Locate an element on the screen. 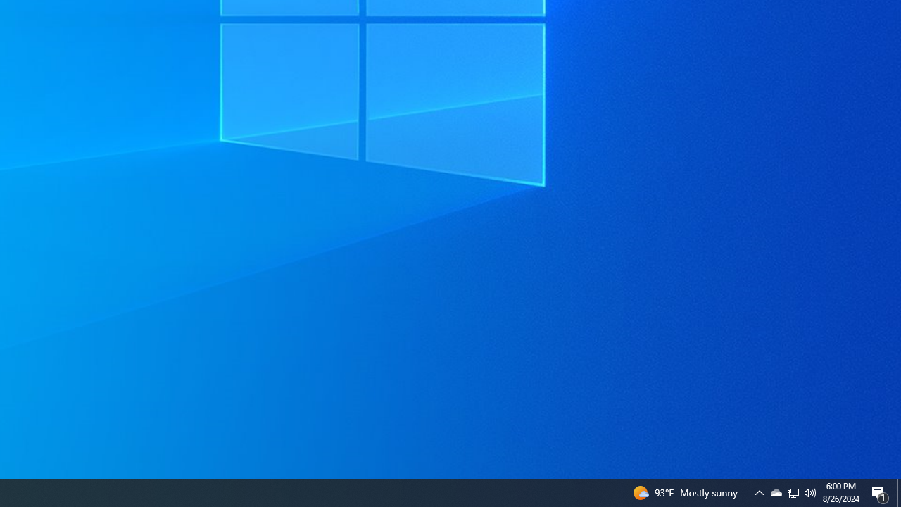  'Notification Chevron' is located at coordinates (793, 492).